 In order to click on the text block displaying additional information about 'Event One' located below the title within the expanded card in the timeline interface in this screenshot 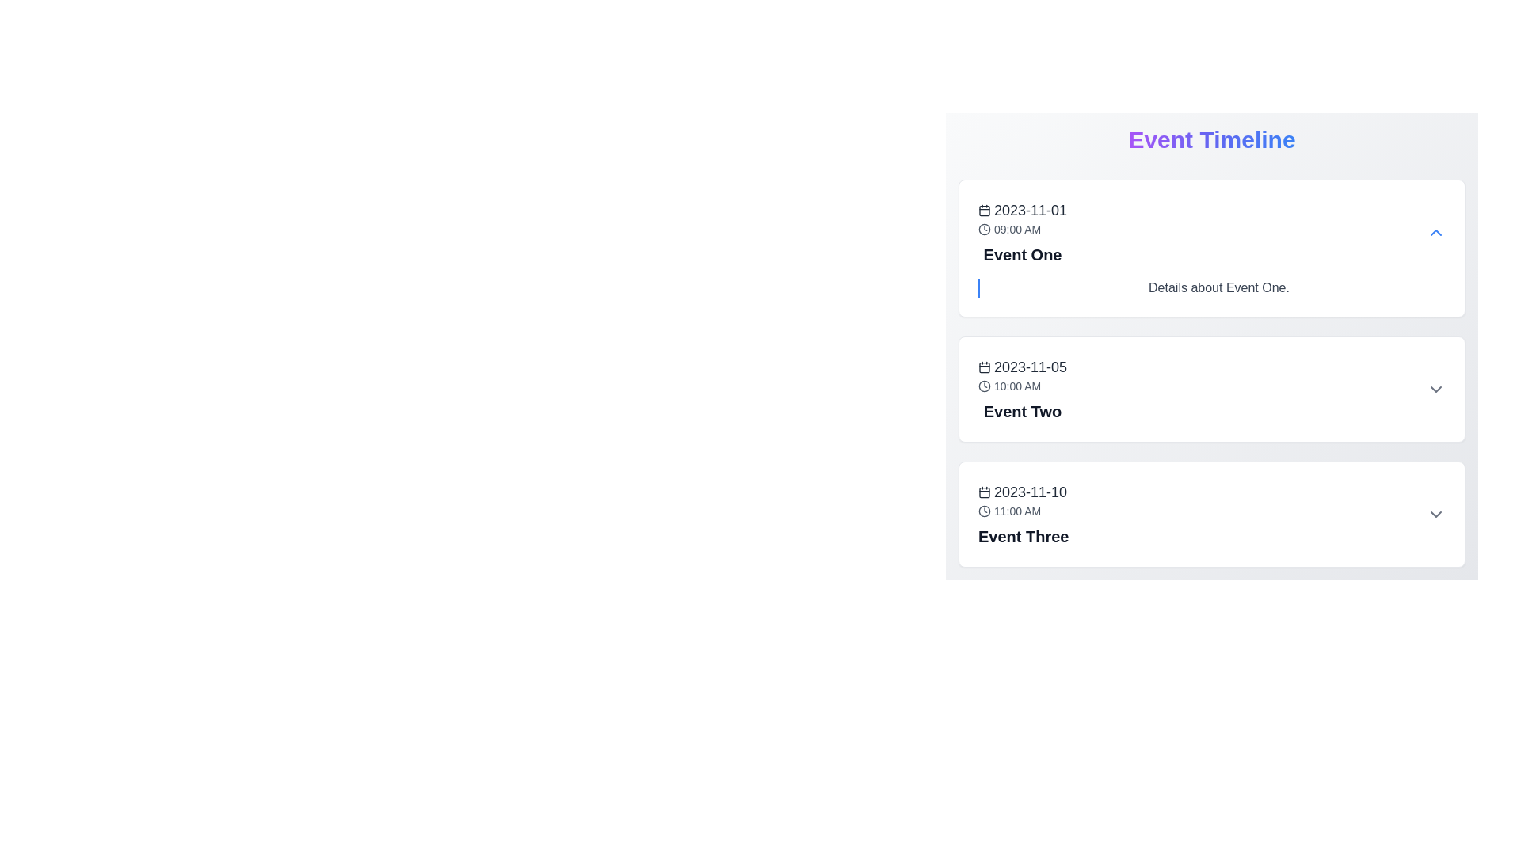, I will do `click(1218, 287)`.